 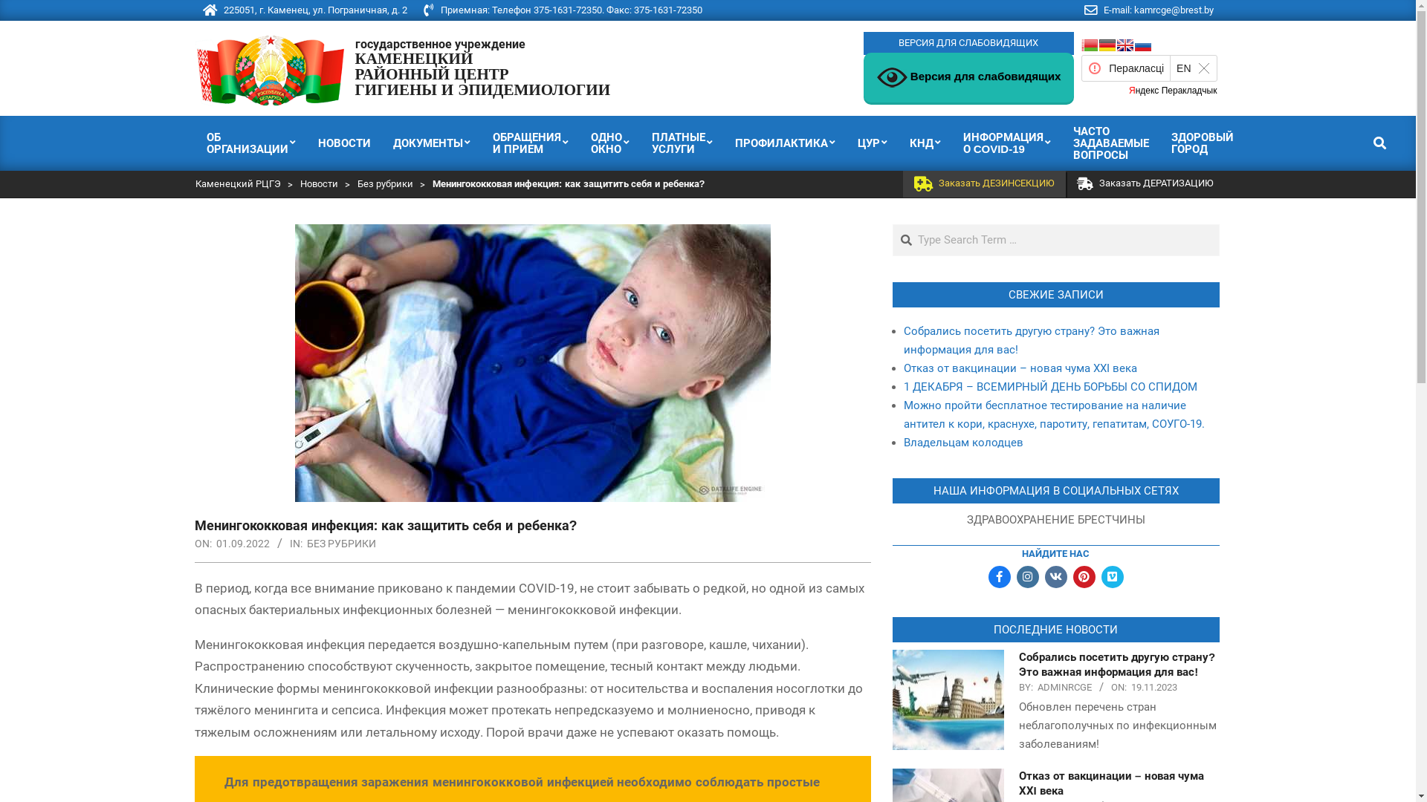 I want to click on 'Russian', so click(x=1142, y=45).